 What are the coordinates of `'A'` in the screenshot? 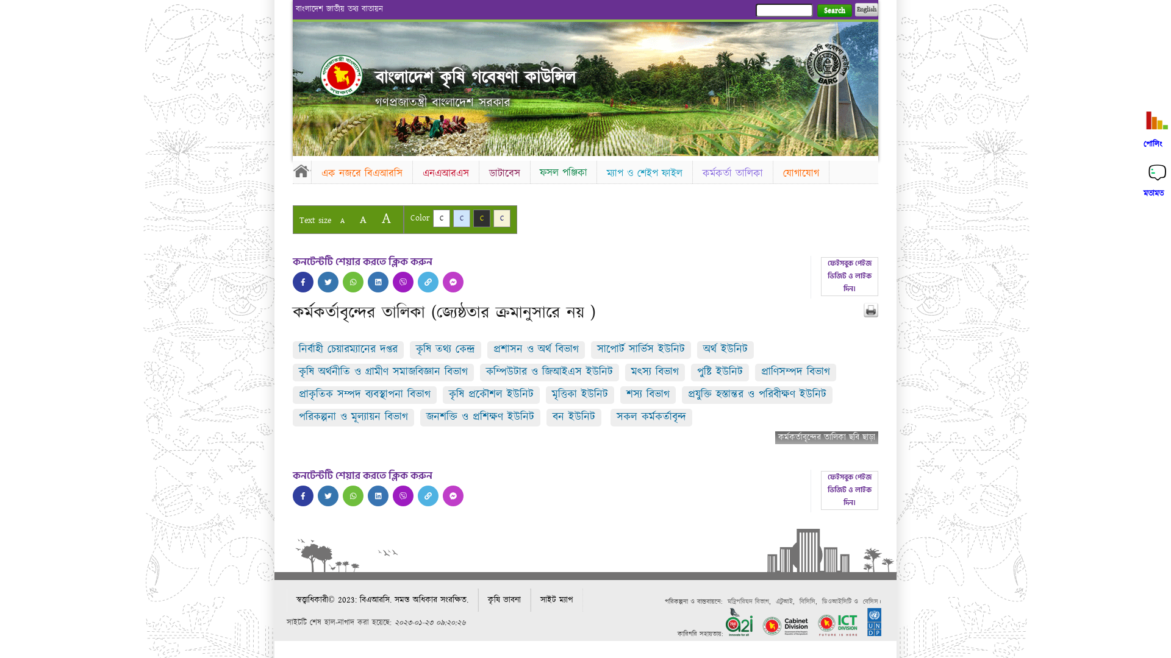 It's located at (362, 219).